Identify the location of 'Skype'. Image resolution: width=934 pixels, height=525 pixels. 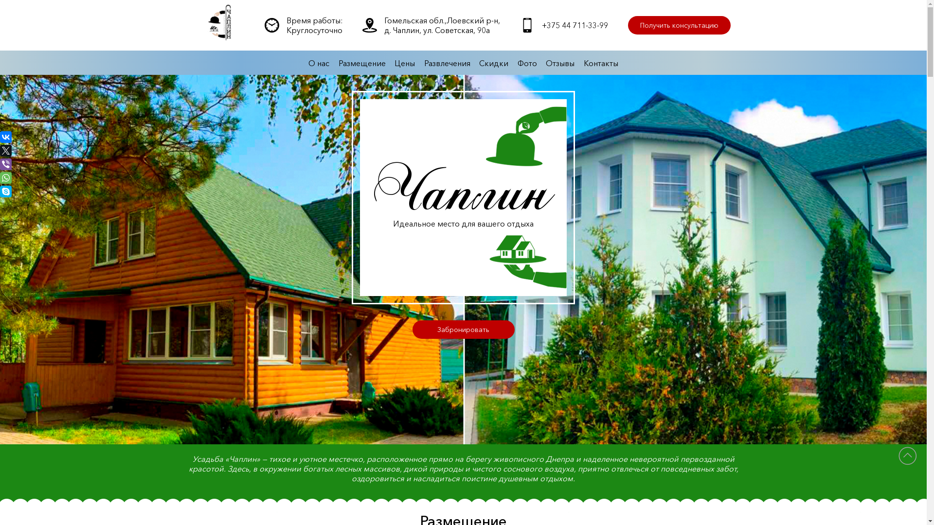
(6, 191).